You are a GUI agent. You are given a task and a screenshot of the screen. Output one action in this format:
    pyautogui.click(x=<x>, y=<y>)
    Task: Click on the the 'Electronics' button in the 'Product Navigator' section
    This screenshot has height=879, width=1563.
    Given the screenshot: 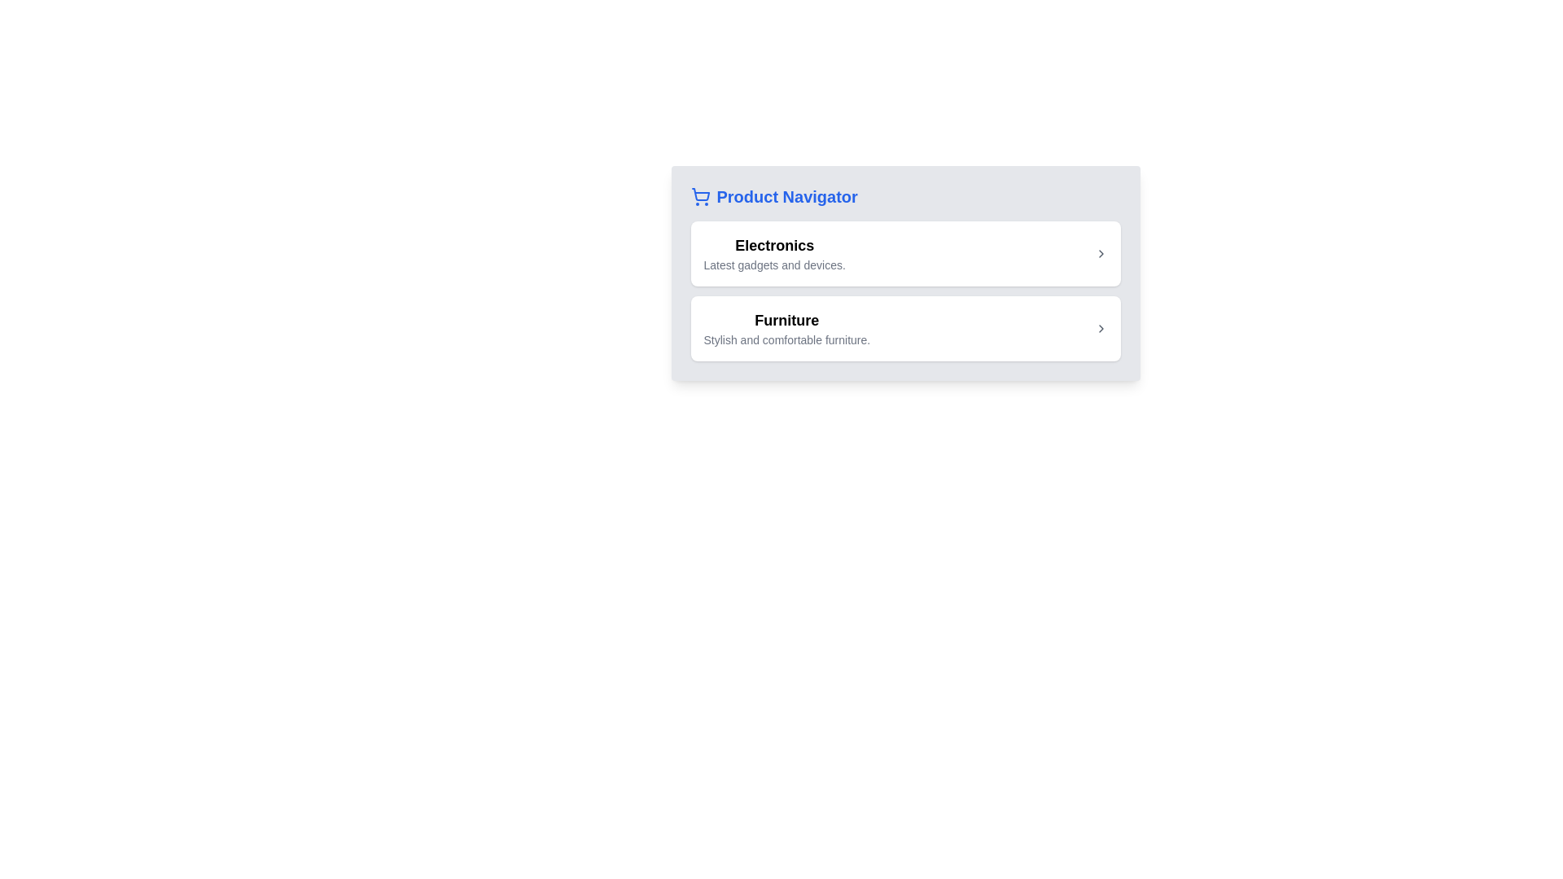 What is the action you would take?
    pyautogui.click(x=904, y=254)
    